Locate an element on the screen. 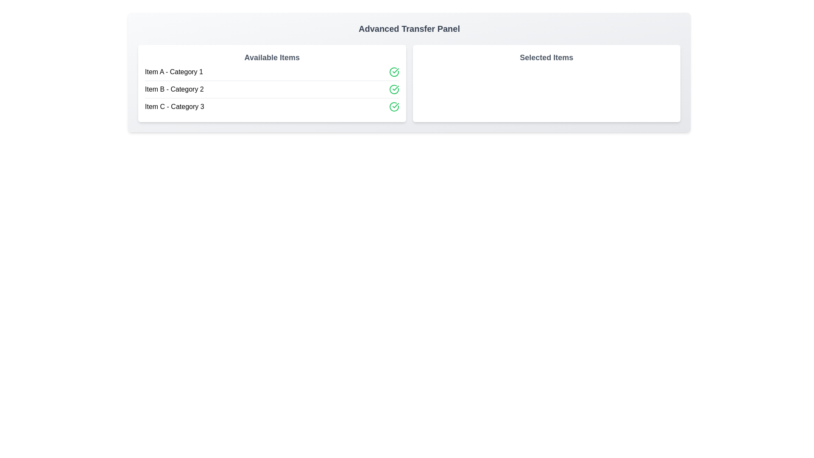 The height and width of the screenshot is (458, 814). the items within the 'Available Items' panel, which is the first panel on the left side of the interface with a white background and rounded corners is located at coordinates (272, 83).